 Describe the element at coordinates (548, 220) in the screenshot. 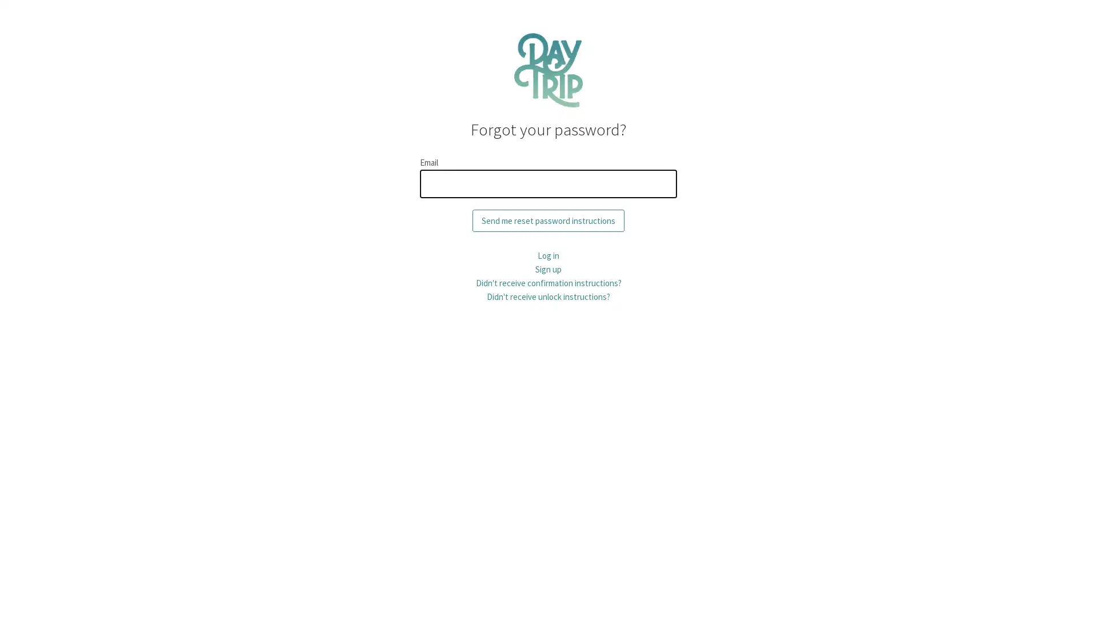

I see `Send me reset password instructions` at that location.